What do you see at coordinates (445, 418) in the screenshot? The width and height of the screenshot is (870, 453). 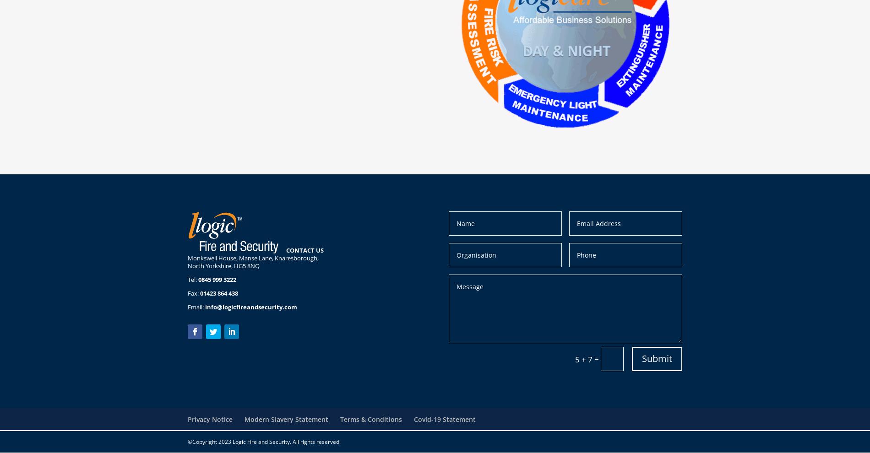 I see `'Covid-19 Statement'` at bounding box center [445, 418].